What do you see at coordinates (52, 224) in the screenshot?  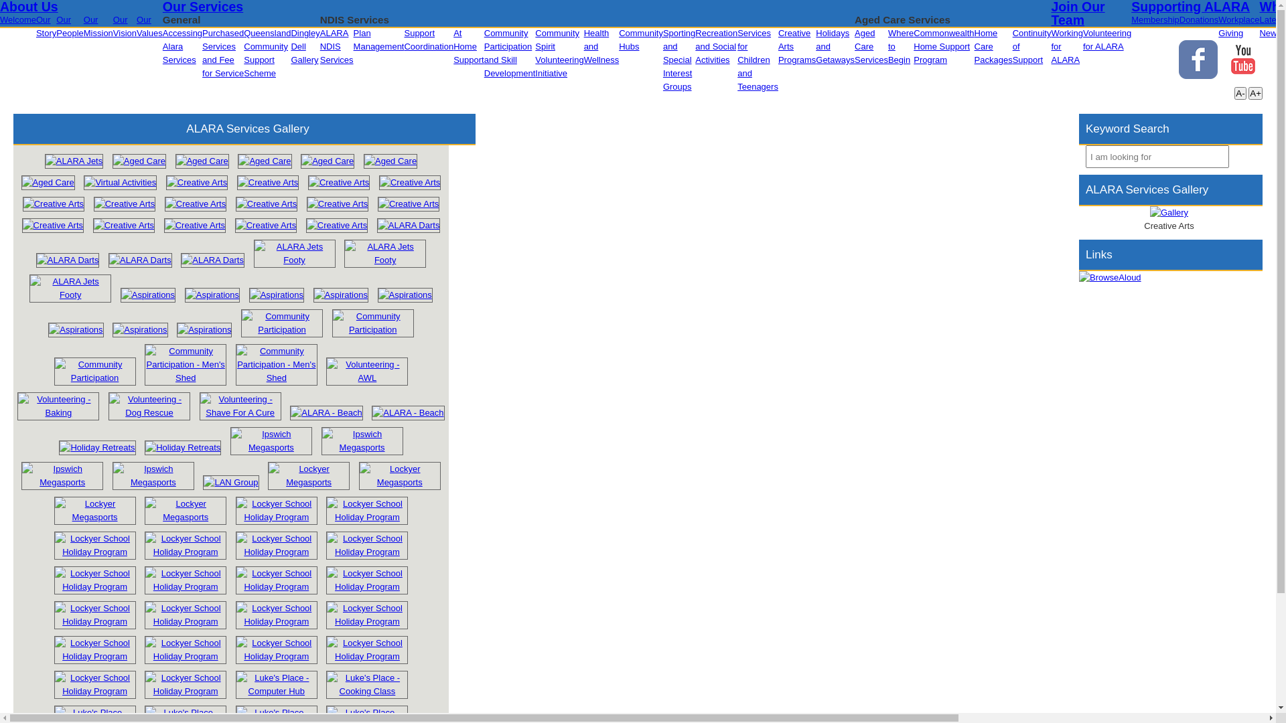 I see `'Creative Arts'` at bounding box center [52, 224].